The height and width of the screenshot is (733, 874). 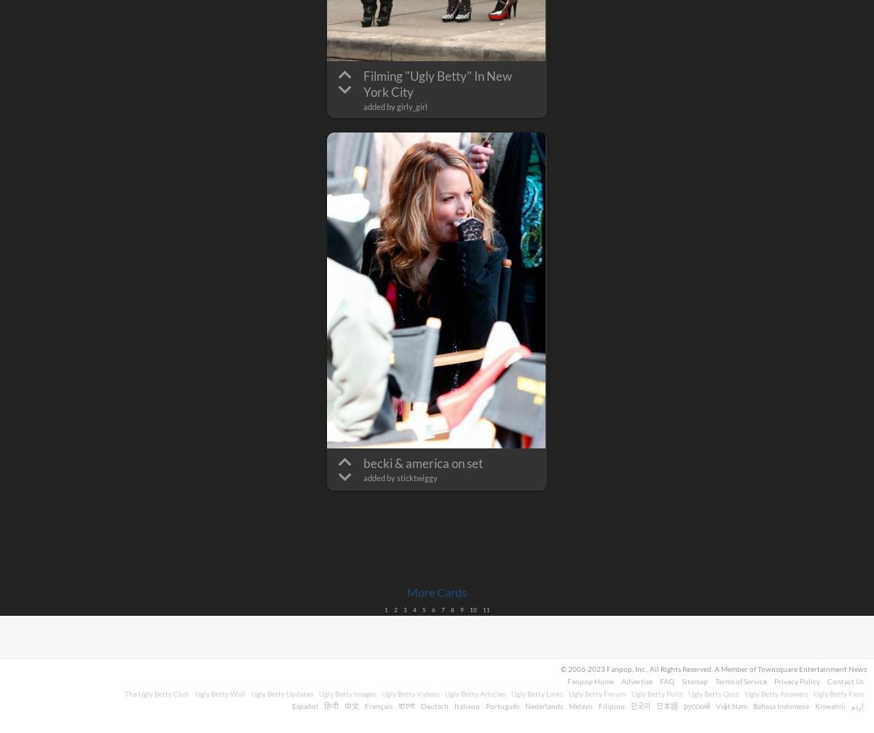 I want to click on 'Sitemap', so click(x=695, y=681).